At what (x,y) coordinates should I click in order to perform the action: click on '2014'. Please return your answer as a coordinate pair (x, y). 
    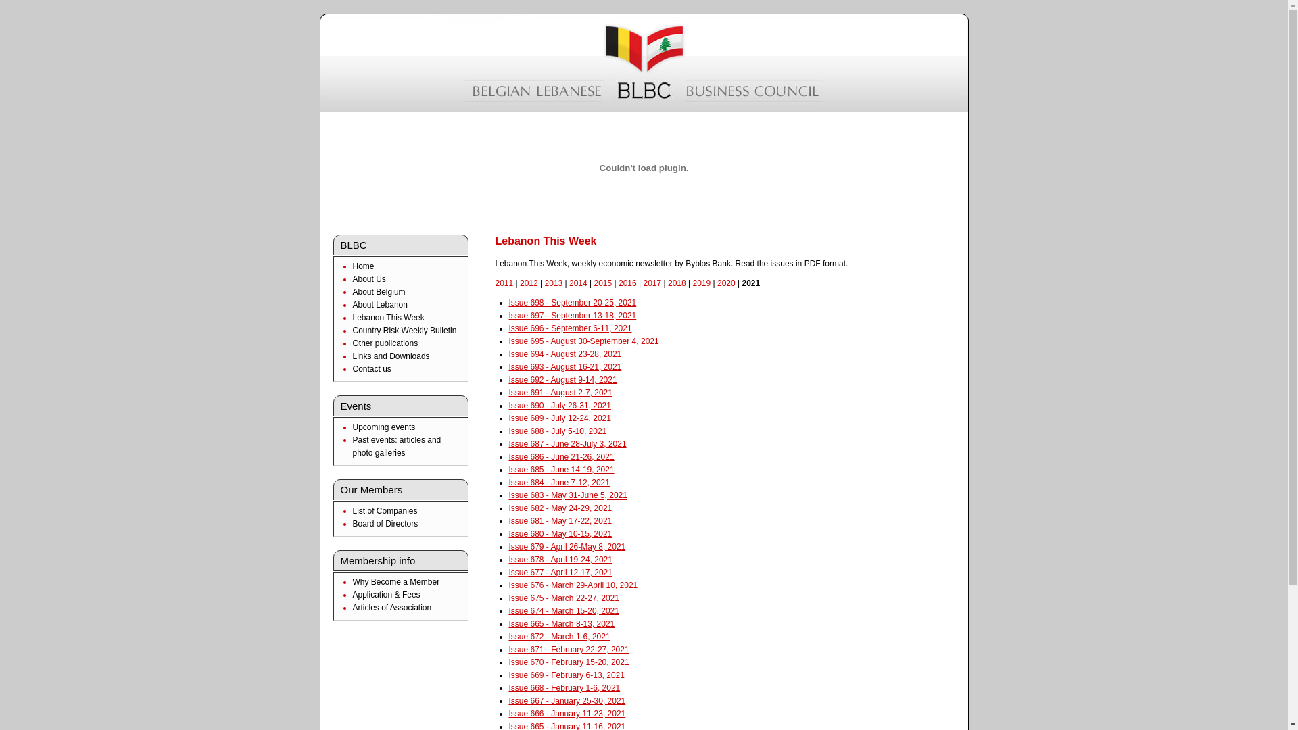
    Looking at the image, I should click on (578, 283).